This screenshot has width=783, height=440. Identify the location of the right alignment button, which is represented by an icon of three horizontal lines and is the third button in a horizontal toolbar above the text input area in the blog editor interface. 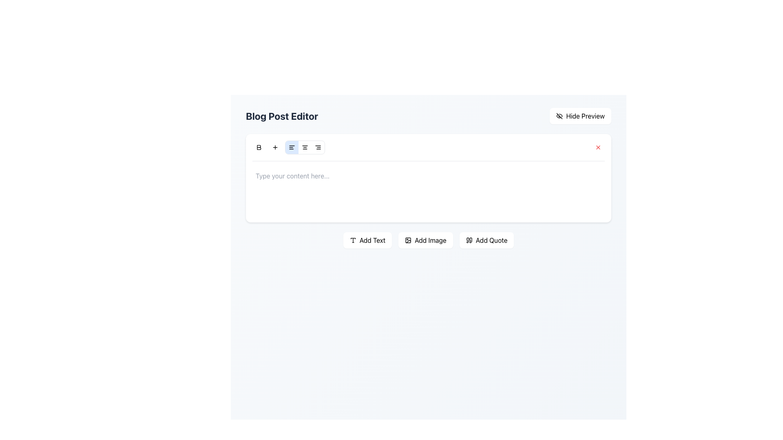
(317, 147).